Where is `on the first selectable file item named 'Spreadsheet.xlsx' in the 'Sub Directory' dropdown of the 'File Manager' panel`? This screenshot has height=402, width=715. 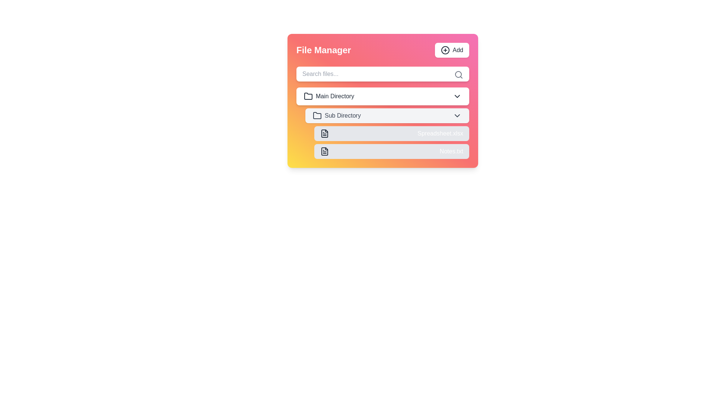 on the first selectable file item named 'Spreadsheet.xlsx' in the 'Sub Directory' dropdown of the 'File Manager' panel is located at coordinates (387, 133).